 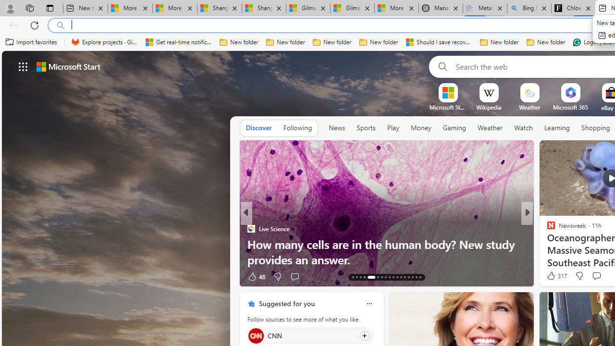 I want to click on 'Gilma and Hector both pose tropical trouble for Hawaii', so click(x=352, y=8).